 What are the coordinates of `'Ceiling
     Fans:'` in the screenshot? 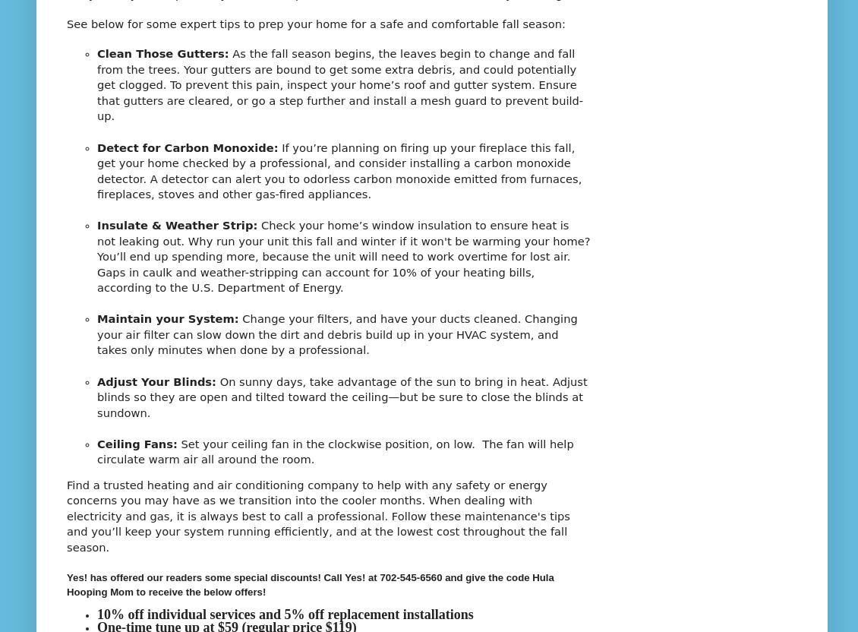 It's located at (137, 442).